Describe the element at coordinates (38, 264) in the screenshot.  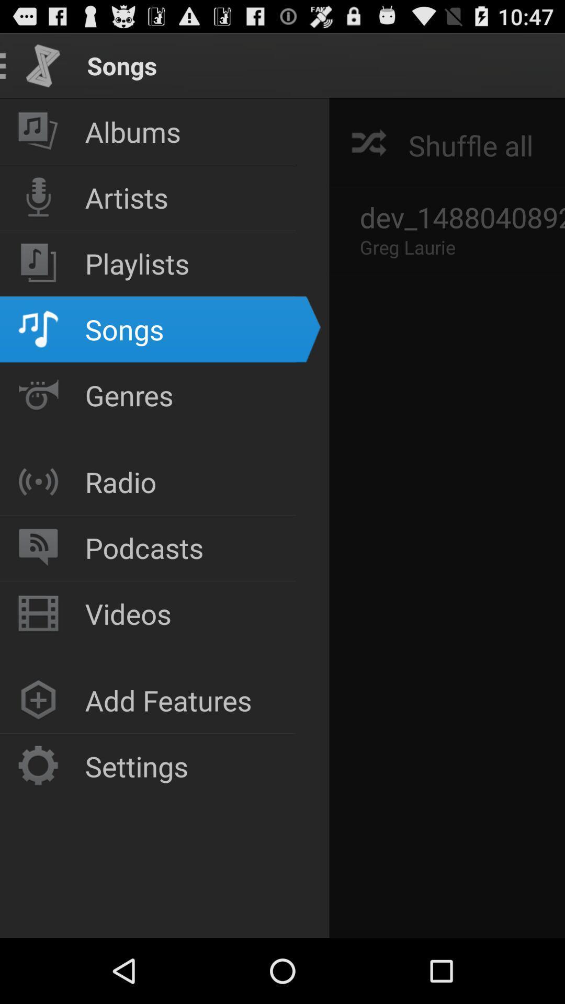
I see `the icon just left to playlists` at that location.